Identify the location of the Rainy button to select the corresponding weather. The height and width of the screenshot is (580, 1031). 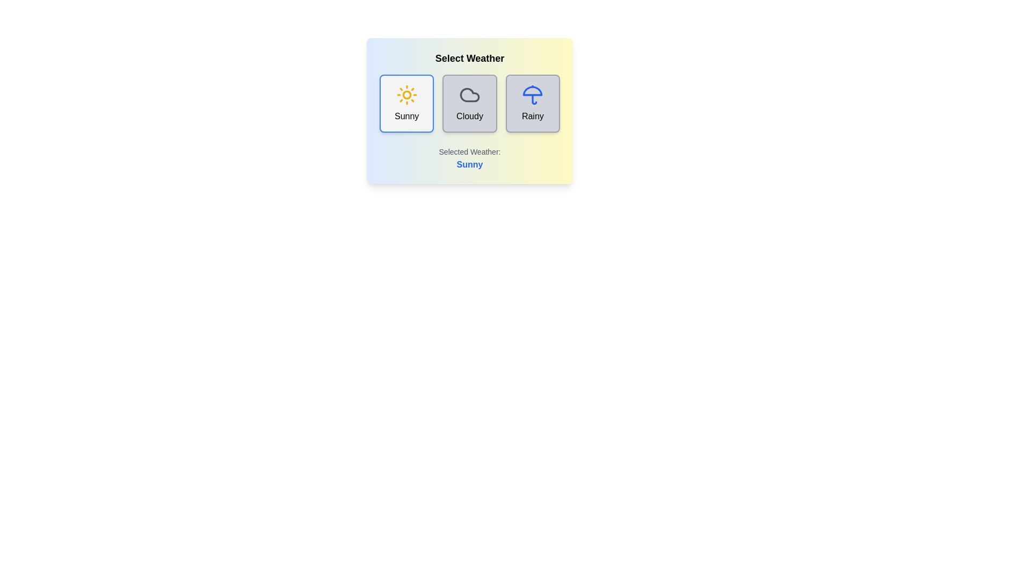
(533, 103).